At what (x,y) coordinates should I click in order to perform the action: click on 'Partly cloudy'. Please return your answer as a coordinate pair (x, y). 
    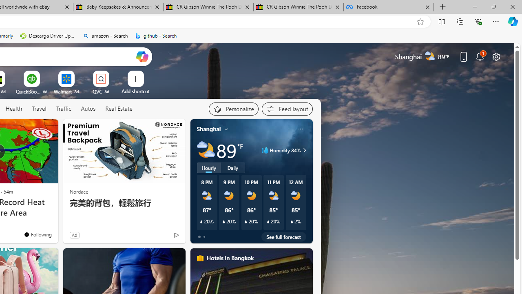
    Looking at the image, I should click on (206, 150).